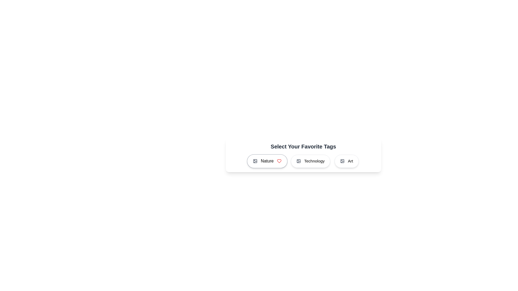 The width and height of the screenshot is (518, 291). Describe the element at coordinates (267, 161) in the screenshot. I see `the tag Nature` at that location.